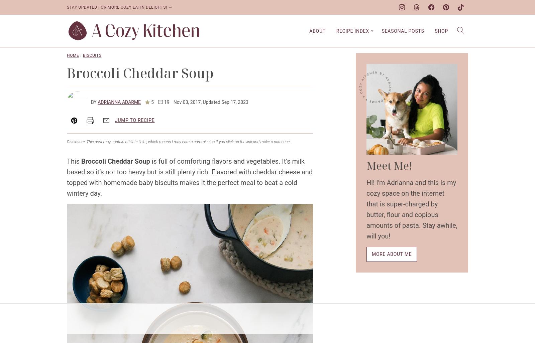 This screenshot has width=535, height=343. Describe the element at coordinates (189, 177) in the screenshot. I see `'is full of comforting flavors and vegetables. It’s milk based so it’s not too heavy but is still plenty rich. Flavored with cheddar cheese and topped with homemade baby biscuits makes it the perfect meal to beat a cold wintery day.'` at that location.